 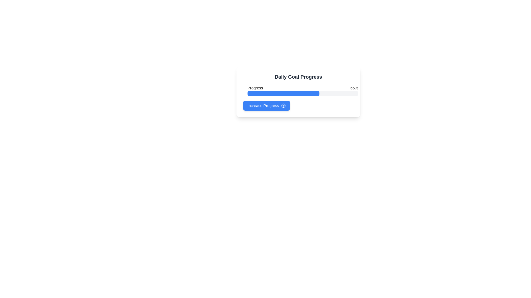 What do you see at coordinates (255, 88) in the screenshot?
I see `the Text label that describes the progress bar, located in the top left section of the 'Daily Goal Progress' card` at bounding box center [255, 88].